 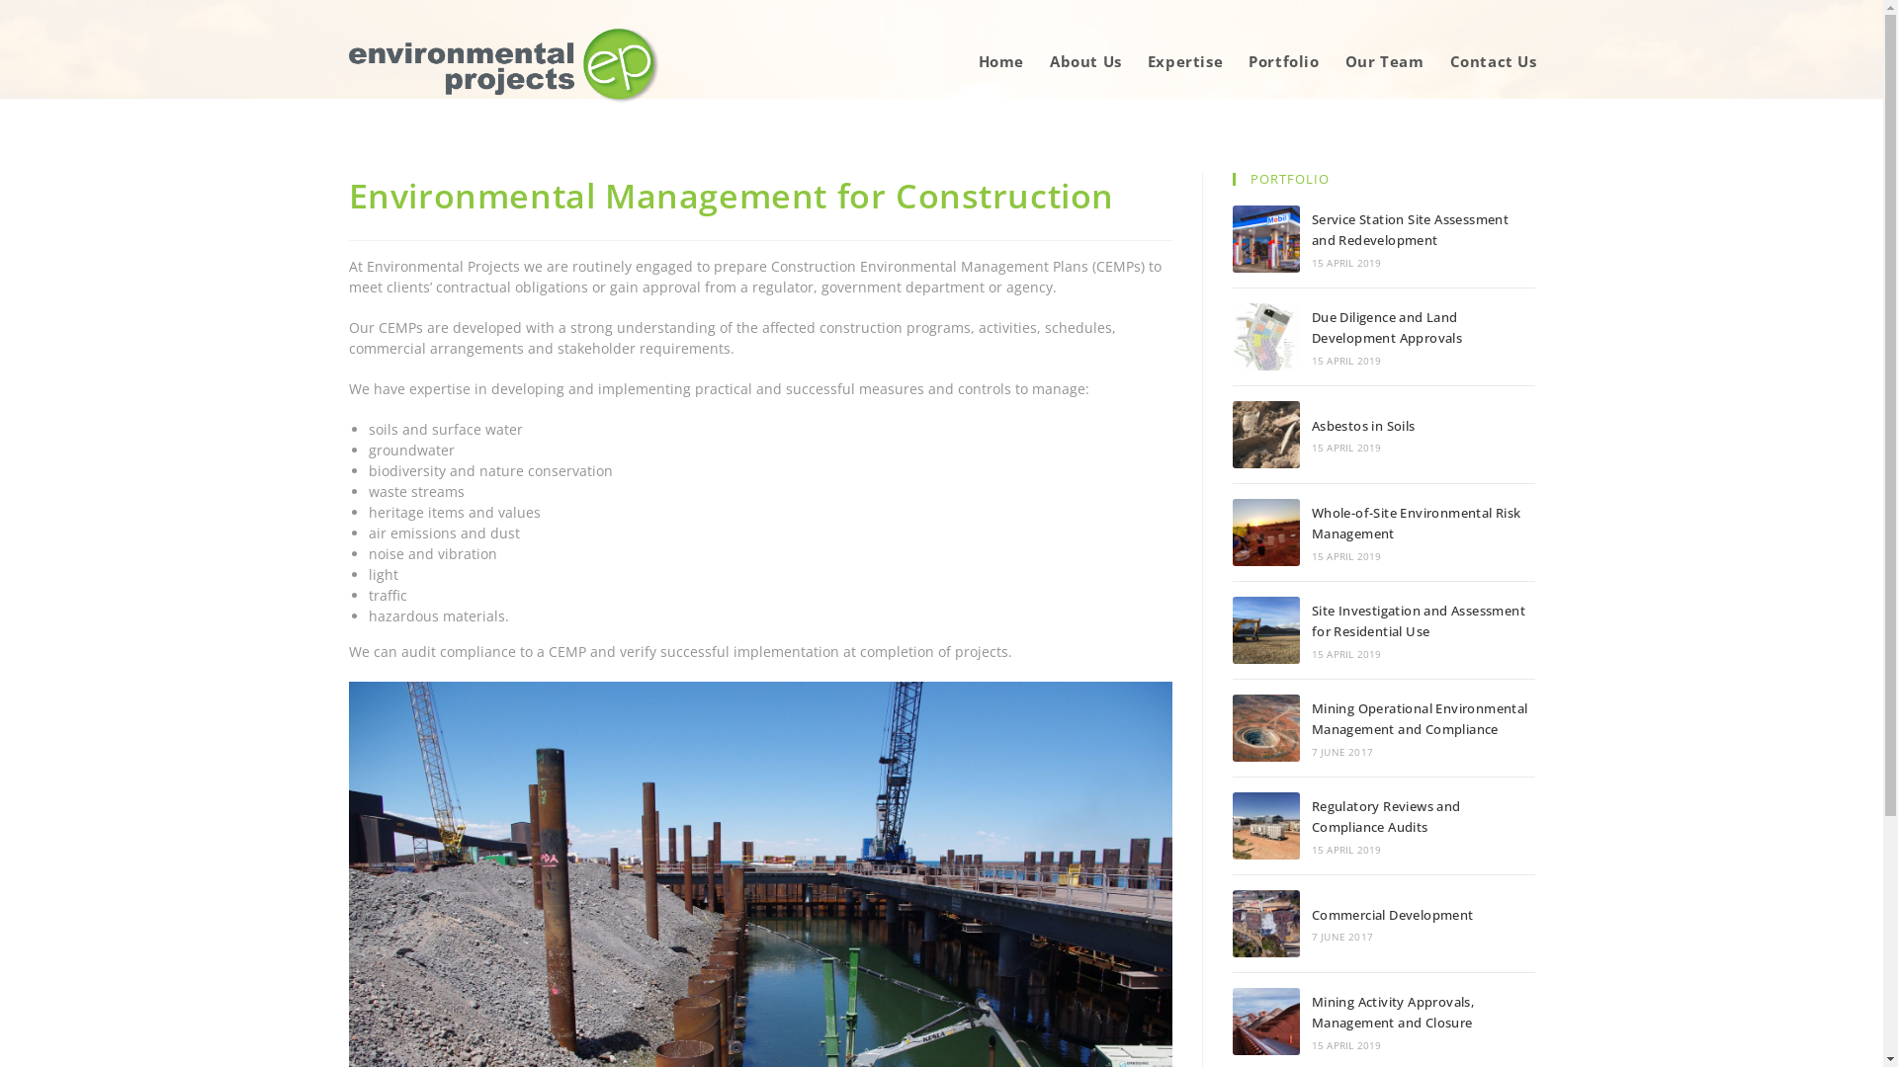 What do you see at coordinates (1084, 60) in the screenshot?
I see `'About Us'` at bounding box center [1084, 60].